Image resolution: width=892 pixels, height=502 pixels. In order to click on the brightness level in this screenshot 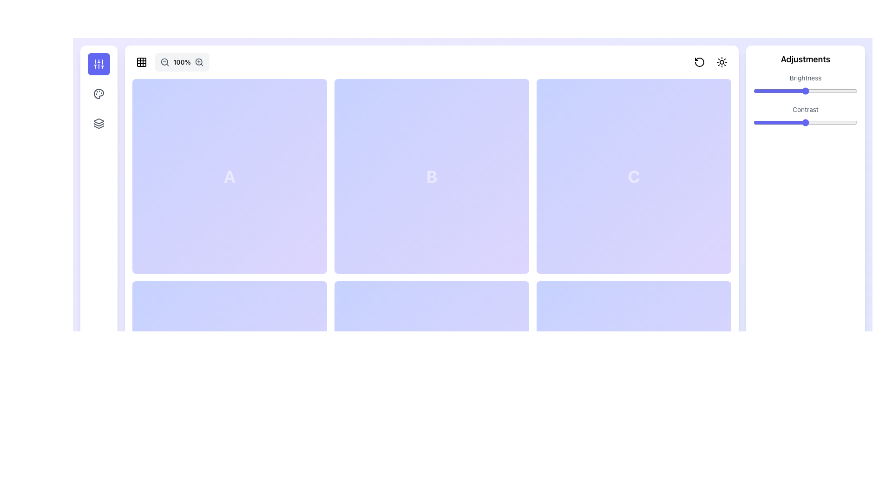, I will do `click(842, 91)`.